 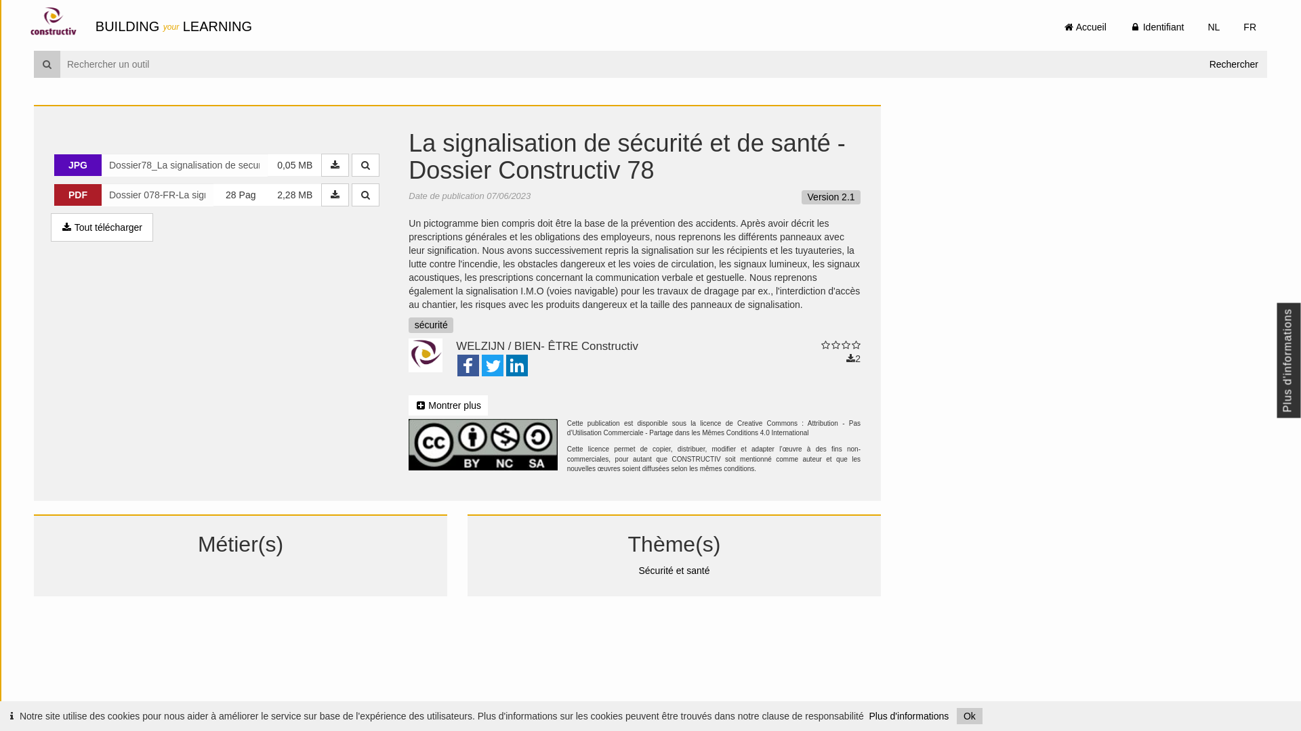 I want to click on 'Twitter', so click(x=480, y=366).